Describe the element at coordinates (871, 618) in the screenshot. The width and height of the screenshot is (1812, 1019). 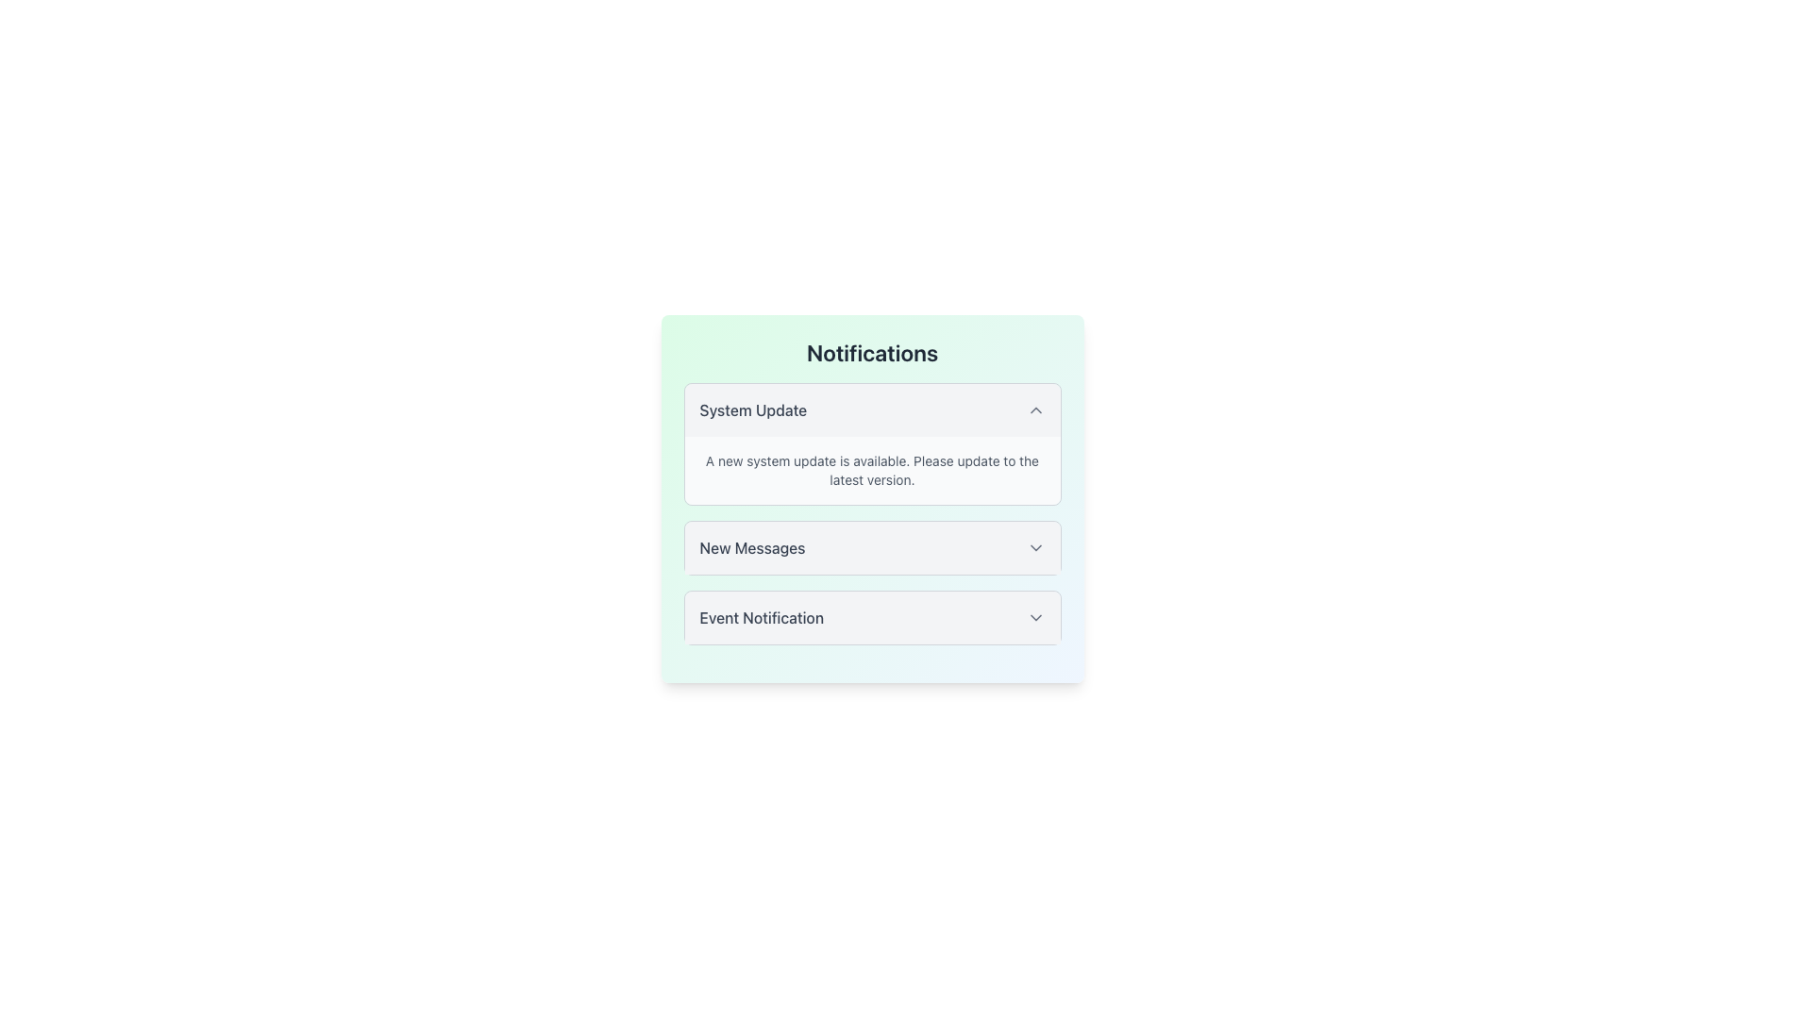
I see `the 'Event Notification' dropdown menu header to trigger the background color change effect` at that location.